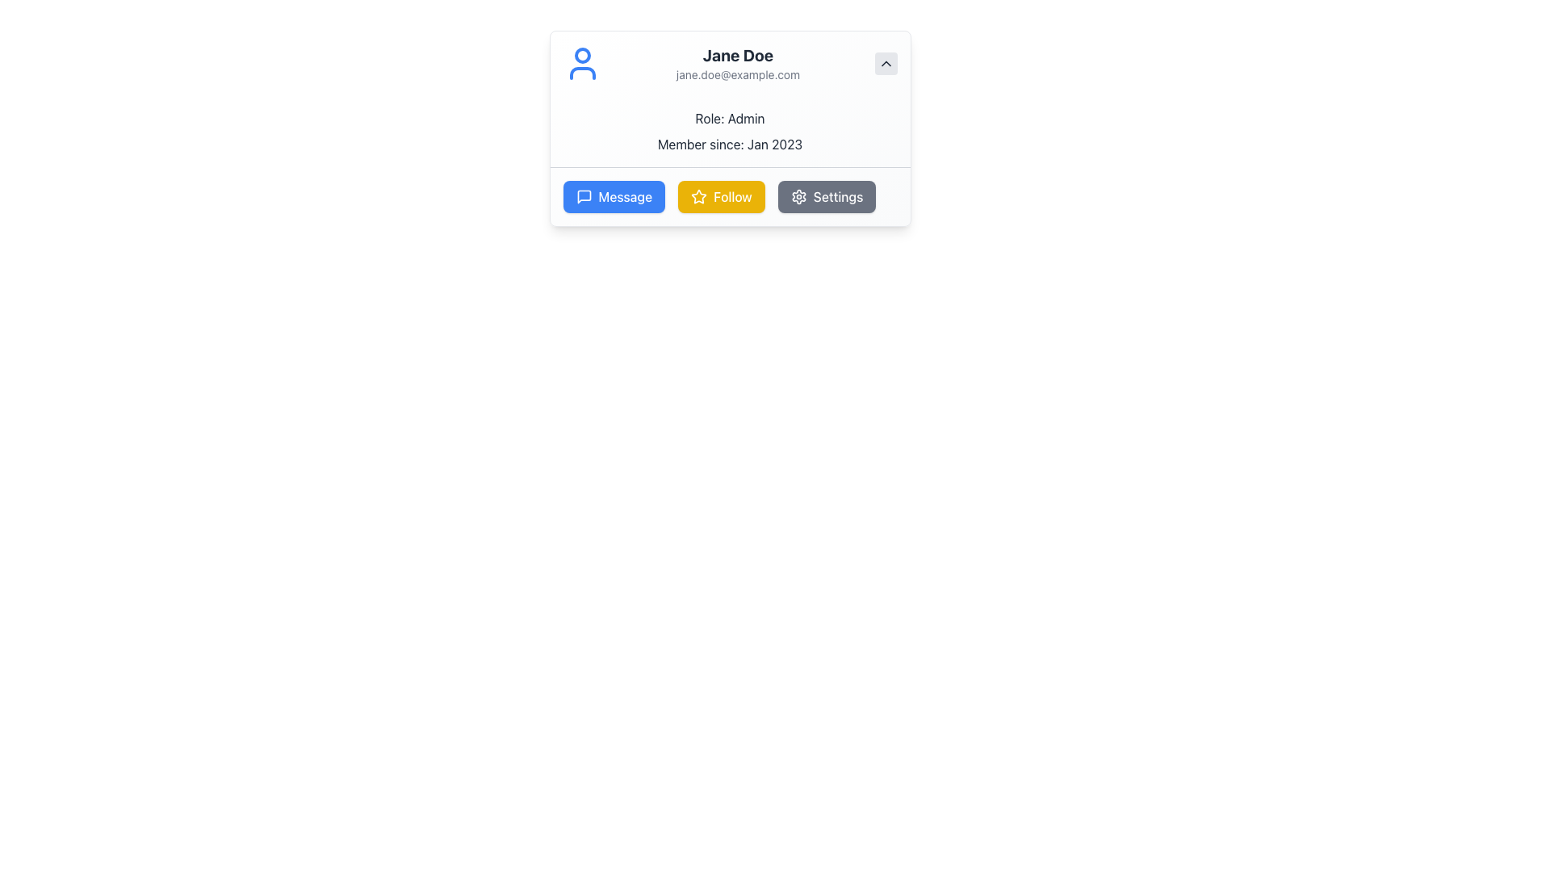 This screenshot has height=872, width=1550. Describe the element at coordinates (583, 195) in the screenshot. I see `the 'Message' button, which contains a speech bubble icon and is styled with a blue background and white text, located at the bottom of the user profile card` at that location.